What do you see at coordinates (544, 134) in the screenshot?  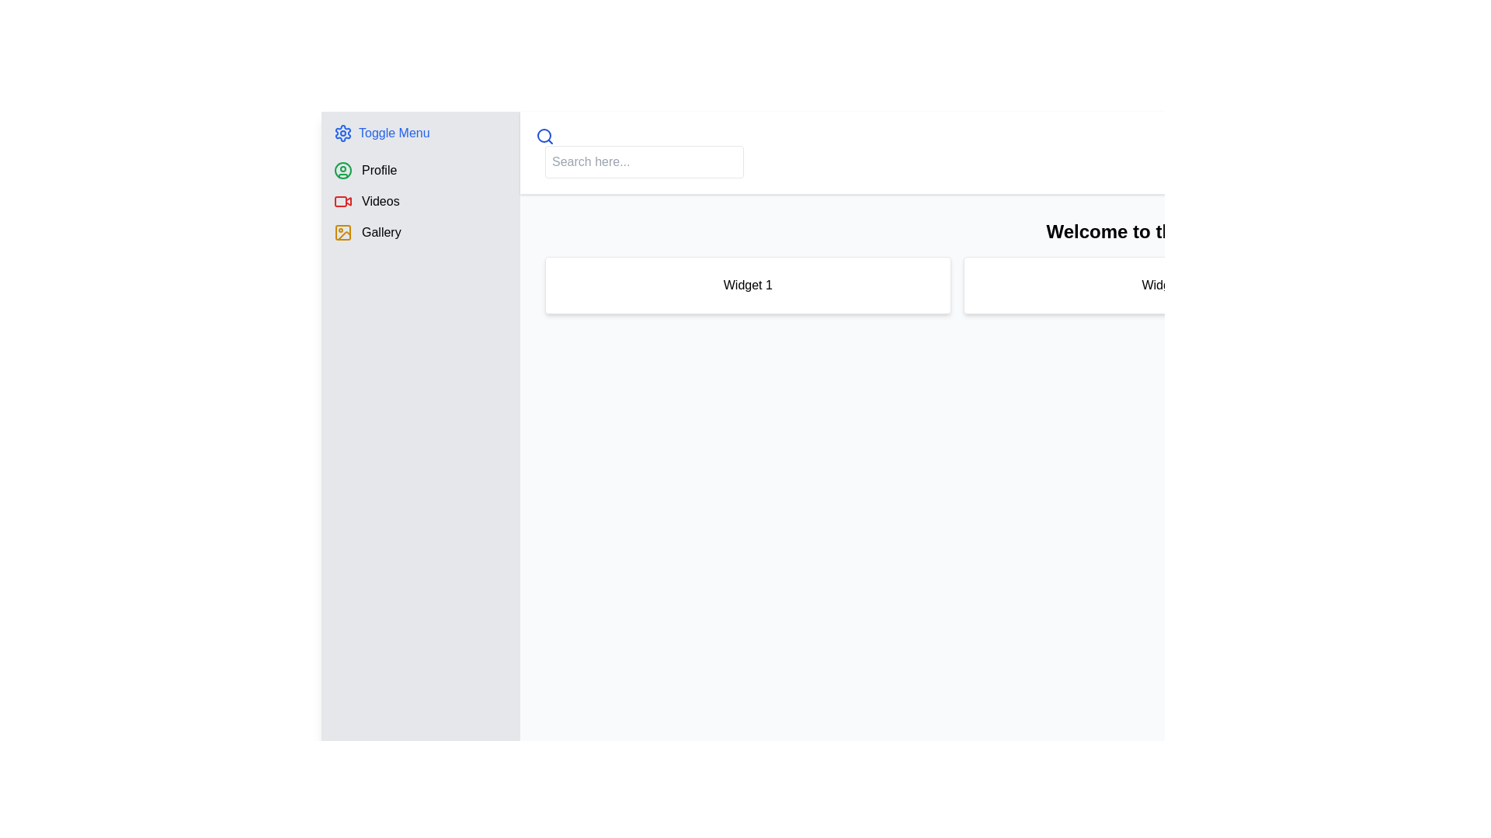 I see `the circle part of the search icon located at the top of the interface near the search input field` at bounding box center [544, 134].